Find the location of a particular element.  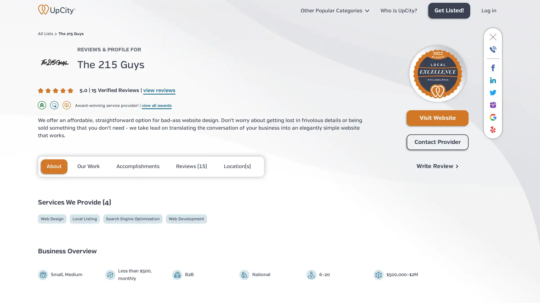

Accomplishments is located at coordinates (138, 166).